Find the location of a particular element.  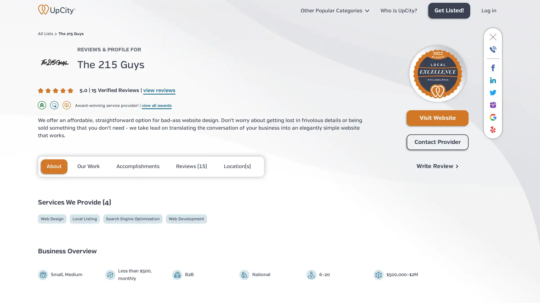

Accomplishments is located at coordinates (138, 166).